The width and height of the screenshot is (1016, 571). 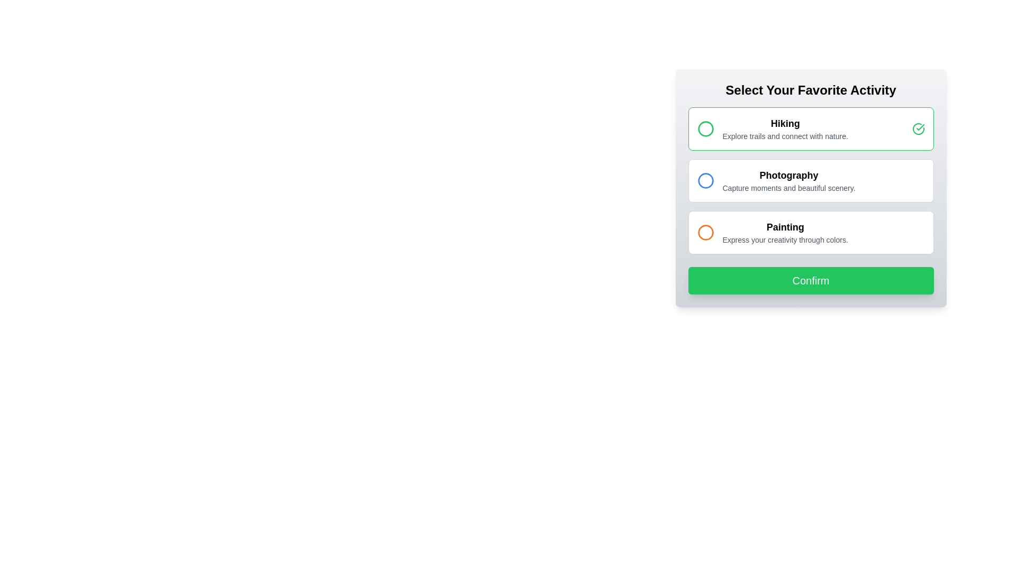 What do you see at coordinates (705, 128) in the screenshot?
I see `the visual state of the green circular icon associated with the 'Hiking' option in the activity selection list` at bounding box center [705, 128].